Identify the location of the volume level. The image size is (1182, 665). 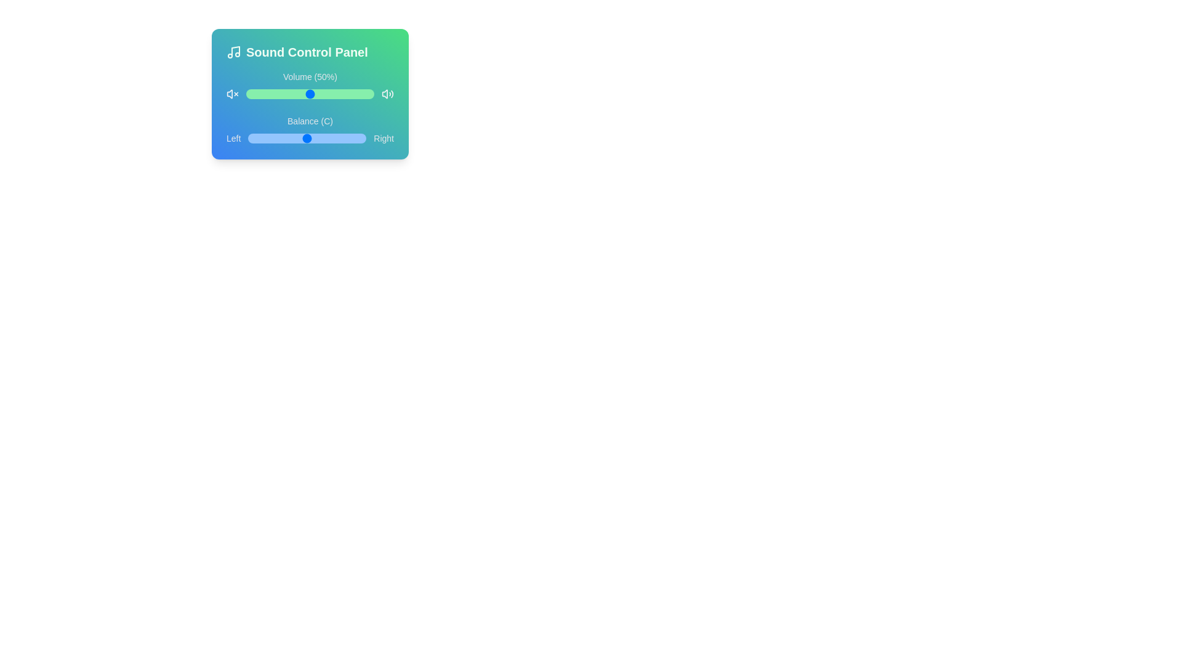
(363, 94).